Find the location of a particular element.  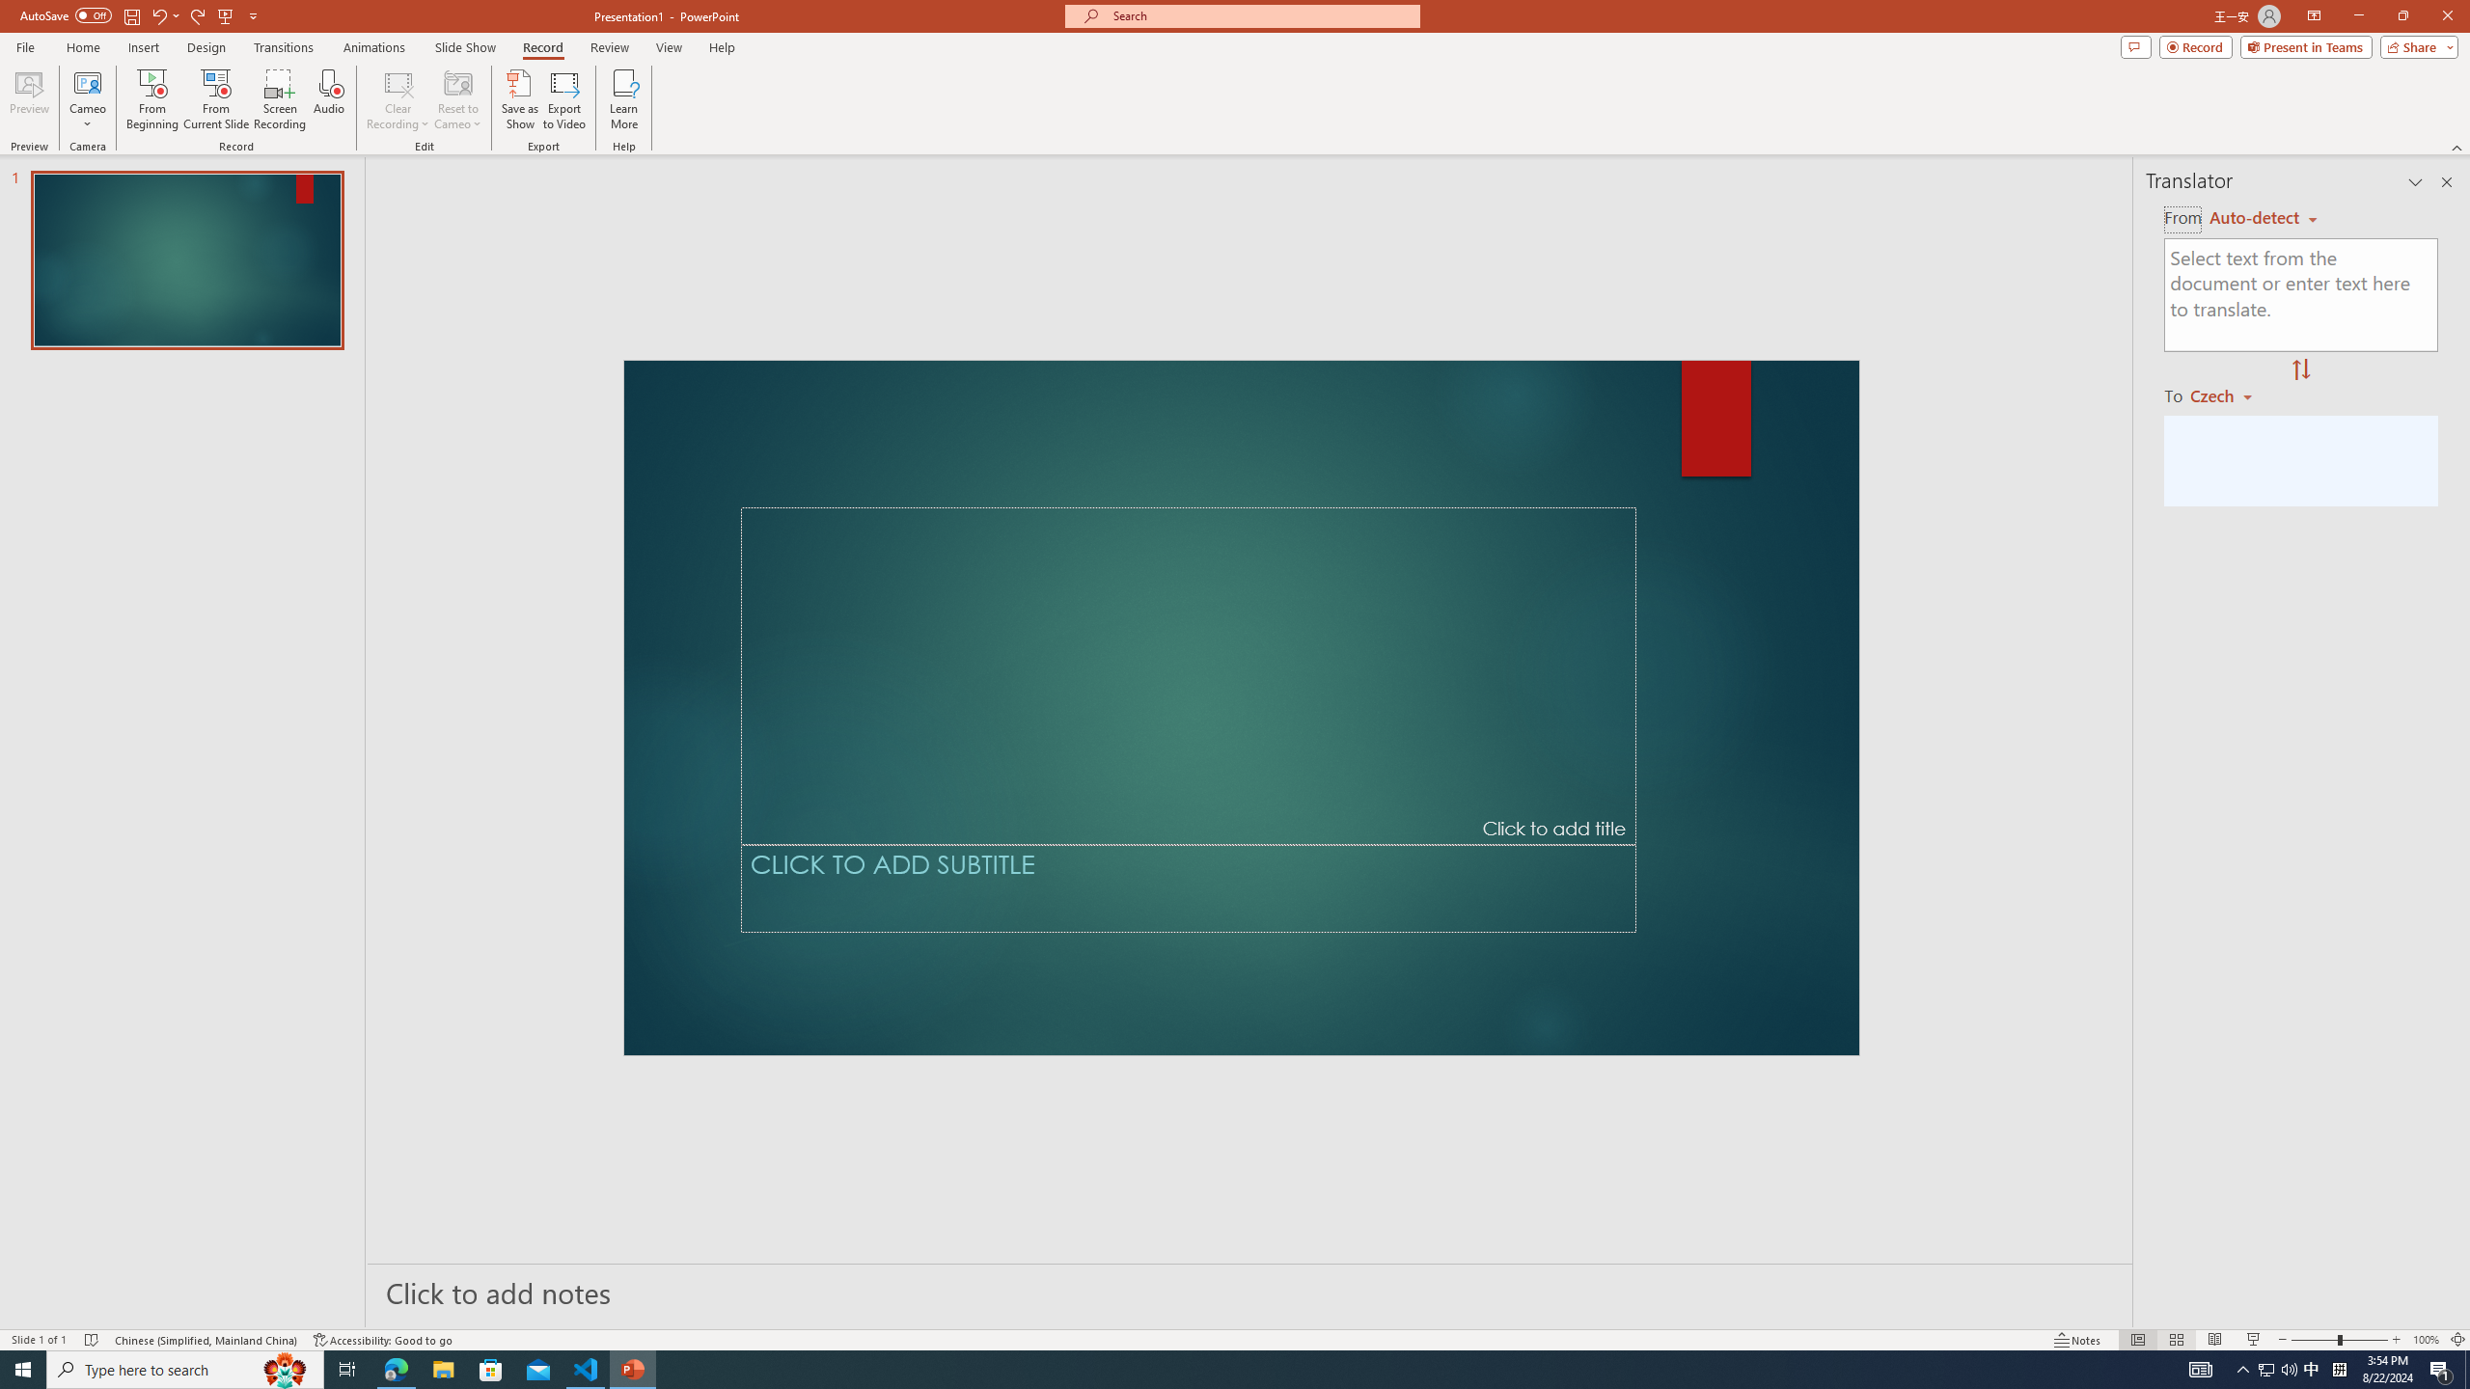

'Export to Video' is located at coordinates (563, 99).